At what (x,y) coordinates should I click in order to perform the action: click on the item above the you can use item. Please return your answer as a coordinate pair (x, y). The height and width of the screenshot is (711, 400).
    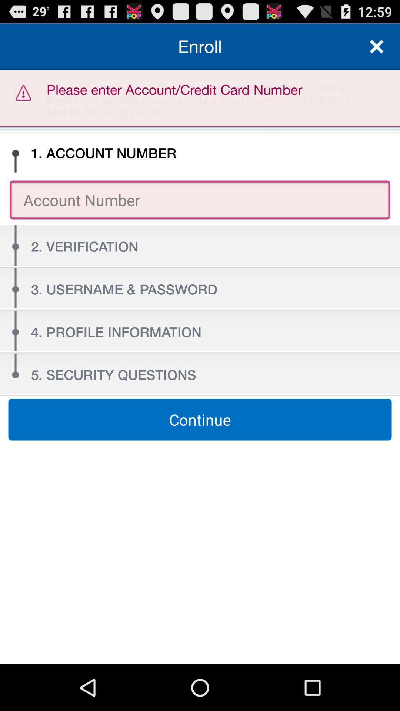
    Looking at the image, I should click on (200, 46).